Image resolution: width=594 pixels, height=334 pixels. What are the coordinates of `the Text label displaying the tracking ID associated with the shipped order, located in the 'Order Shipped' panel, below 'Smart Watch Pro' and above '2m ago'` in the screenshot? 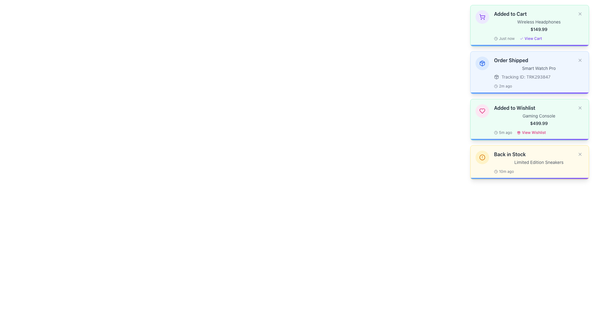 It's located at (539, 77).